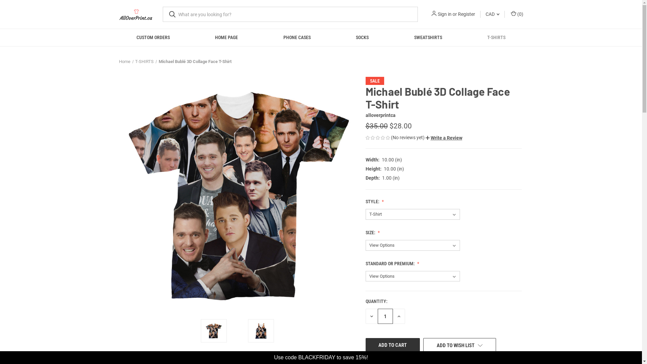  Describe the element at coordinates (226, 37) in the screenshot. I see `'HOME PAGE'` at that location.